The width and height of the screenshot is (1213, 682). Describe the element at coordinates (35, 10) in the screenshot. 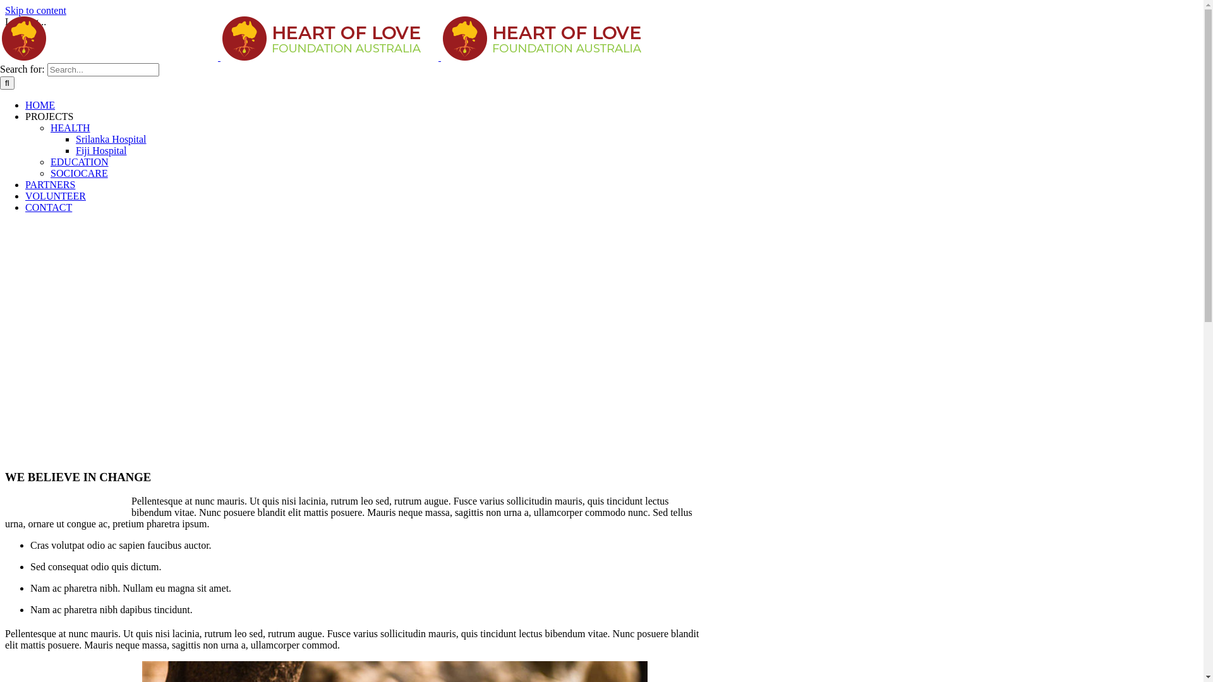

I see `'Skip to content'` at that location.